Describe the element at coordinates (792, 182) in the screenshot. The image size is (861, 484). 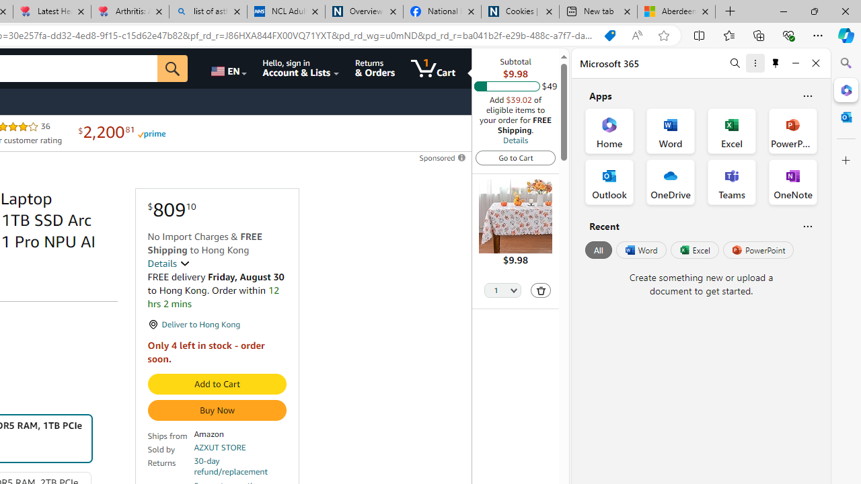
I see `'OneNote Office App'` at that location.